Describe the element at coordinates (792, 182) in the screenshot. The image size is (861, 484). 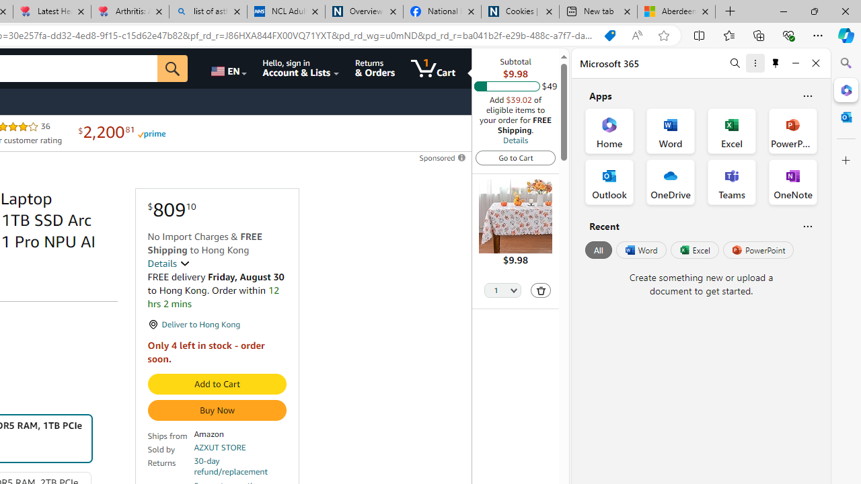
I see `'OneNote Office App'` at that location.